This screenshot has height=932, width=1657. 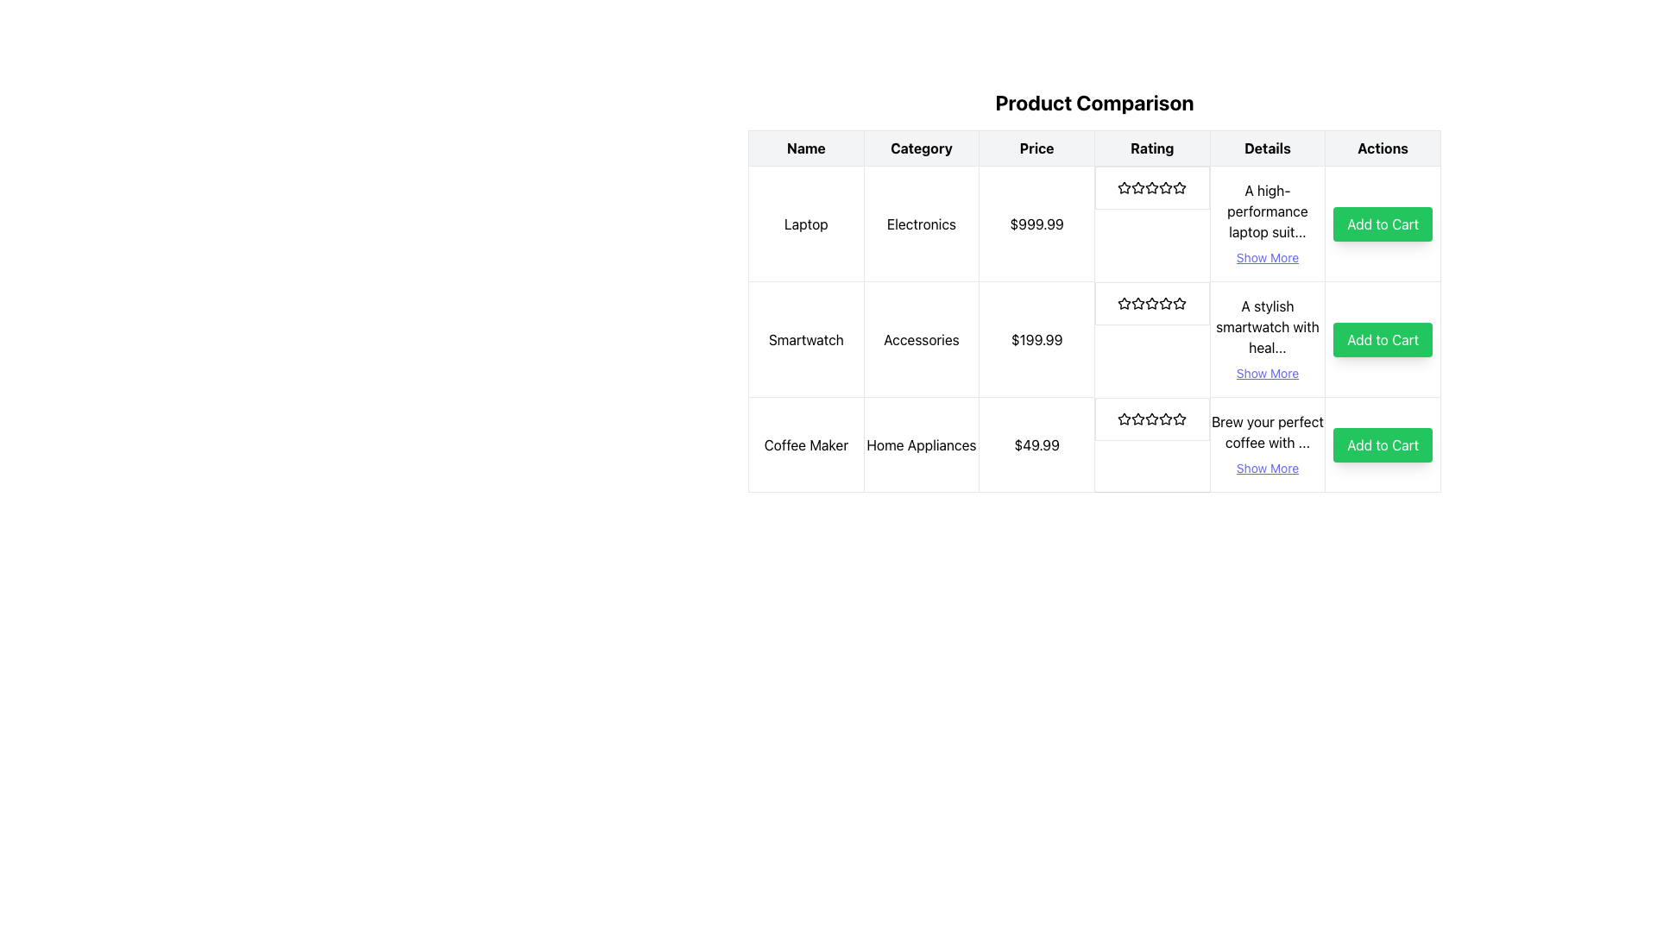 I want to click on on the third star icon in the five-star rating system for the 'Coffee Maker' product, so click(x=1179, y=419).